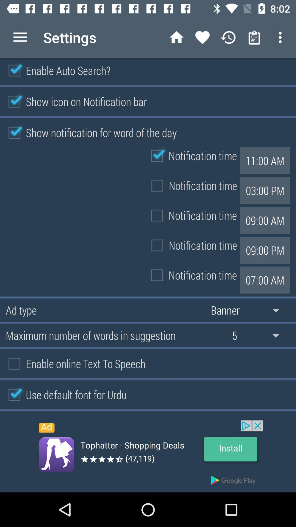 This screenshot has height=527, width=296. I want to click on banner, so click(249, 310).